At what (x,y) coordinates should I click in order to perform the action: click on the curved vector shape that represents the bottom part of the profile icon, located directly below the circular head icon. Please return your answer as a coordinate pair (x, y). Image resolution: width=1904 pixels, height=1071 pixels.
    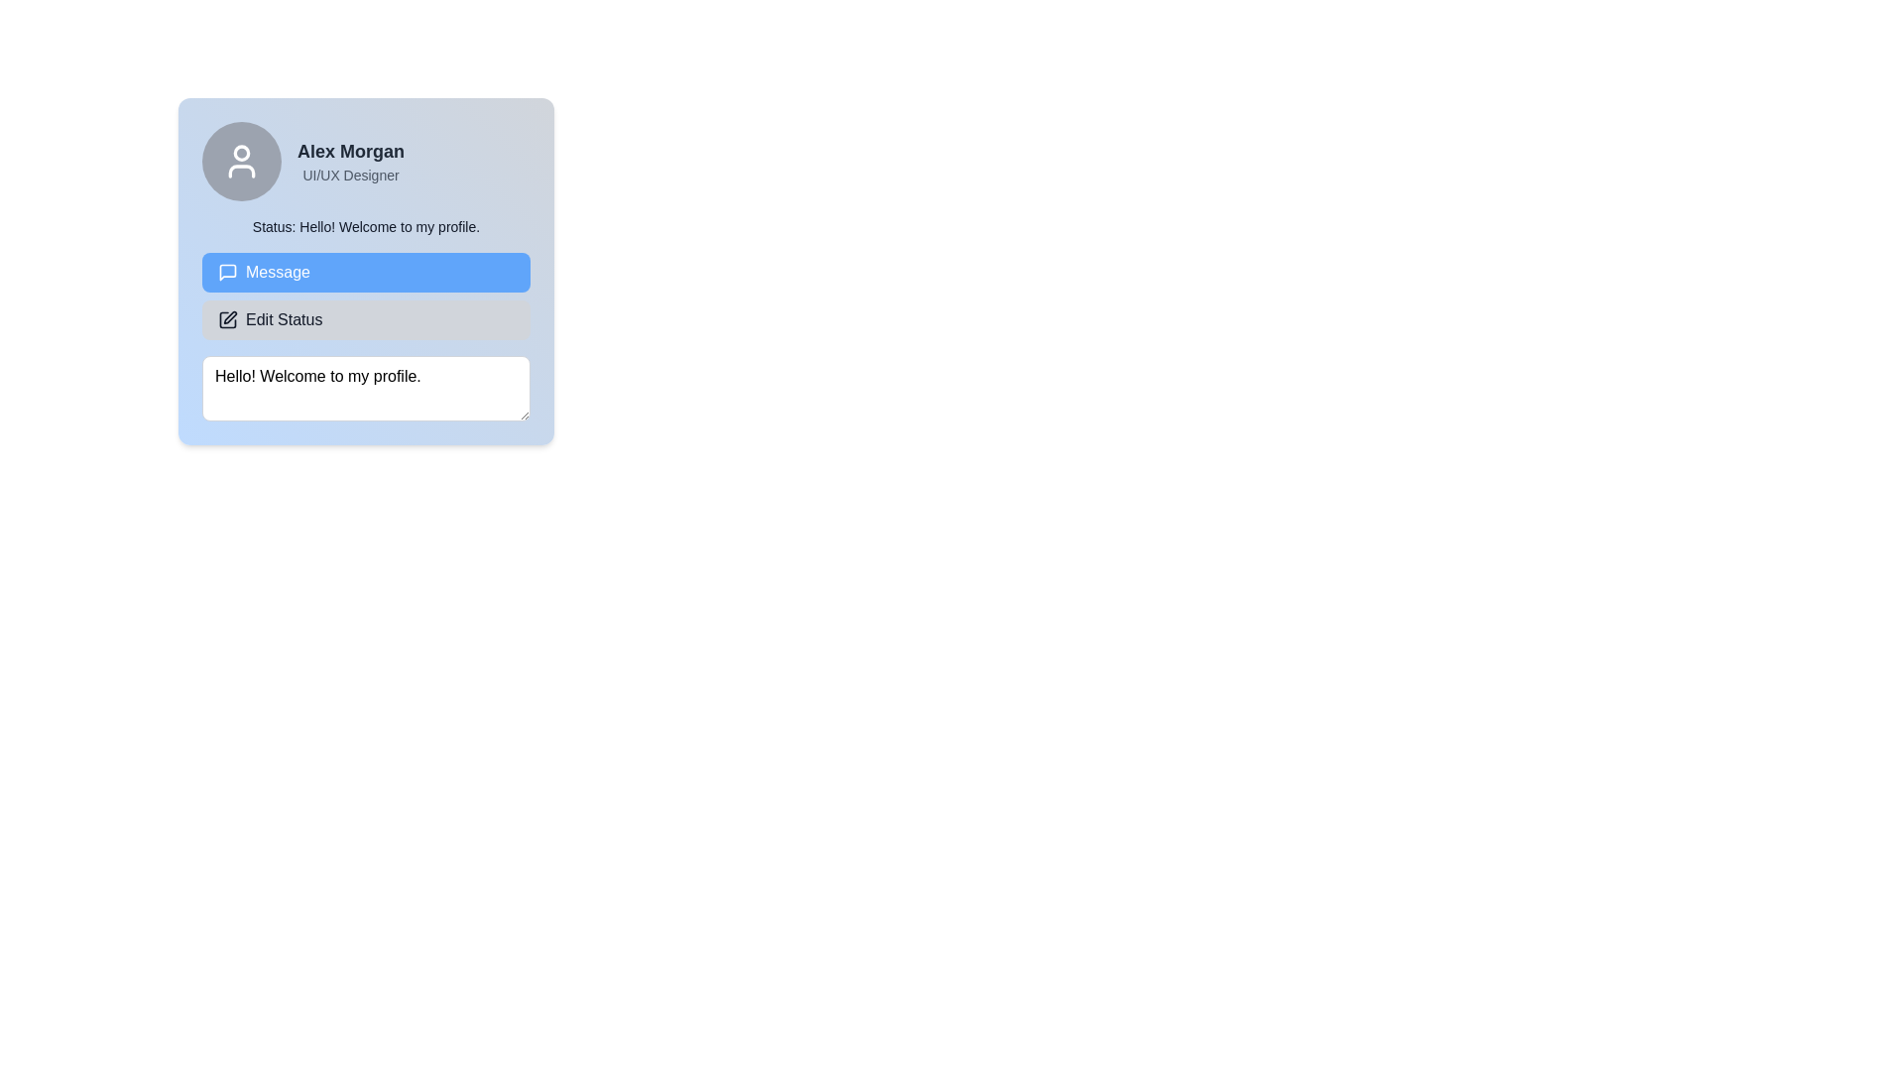
    Looking at the image, I should click on (241, 171).